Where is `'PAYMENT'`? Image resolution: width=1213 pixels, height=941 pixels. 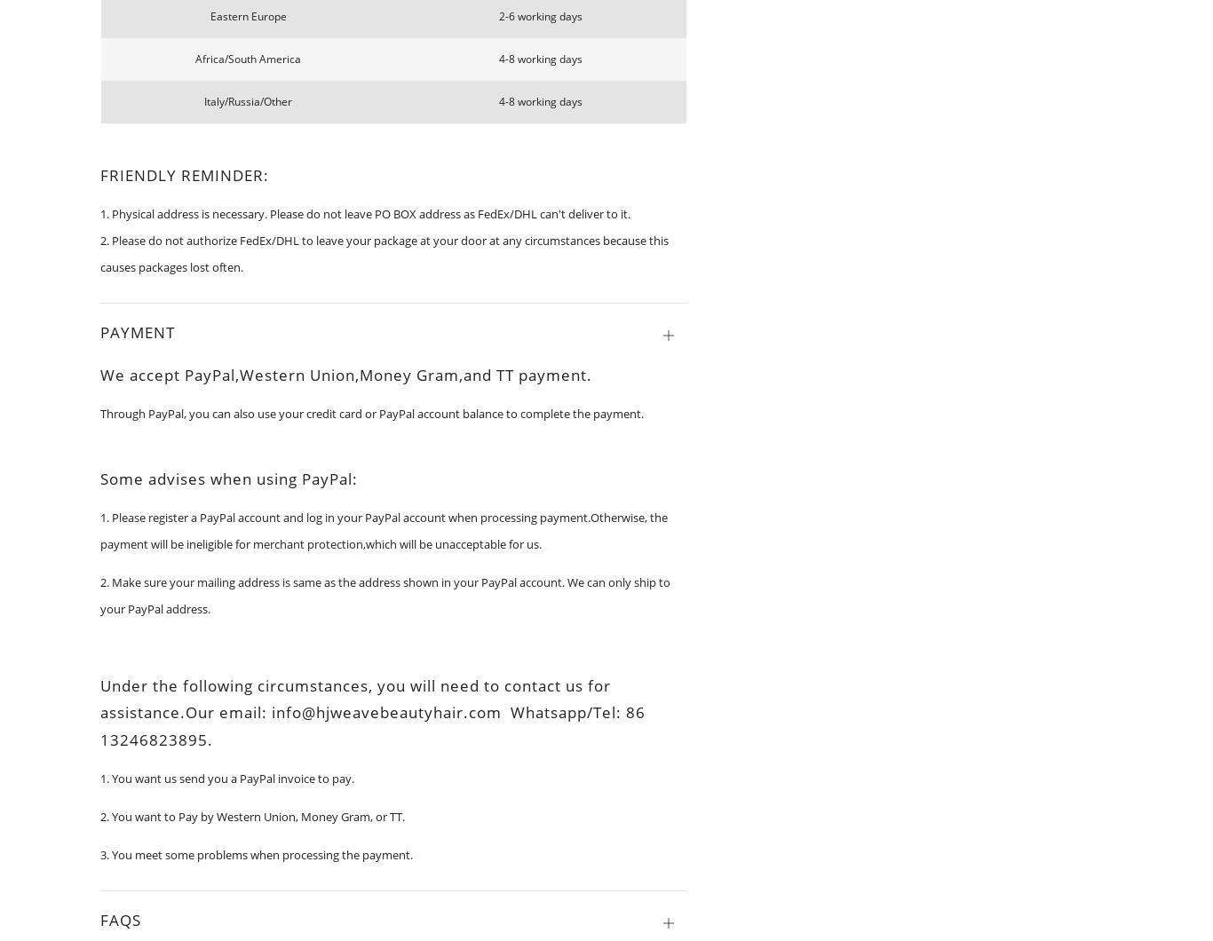 'PAYMENT' is located at coordinates (137, 331).